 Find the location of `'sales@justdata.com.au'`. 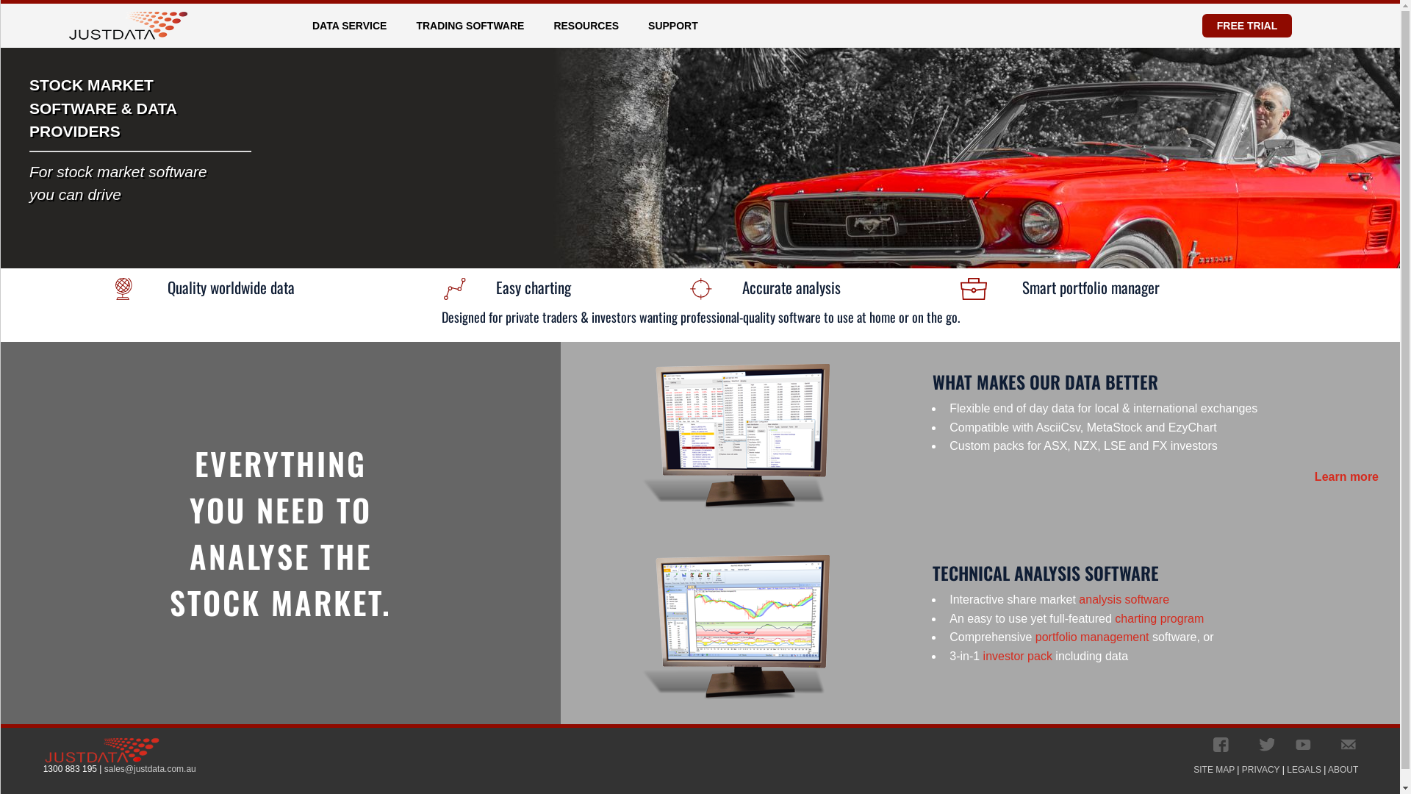

'sales@justdata.com.au' is located at coordinates (104, 768).